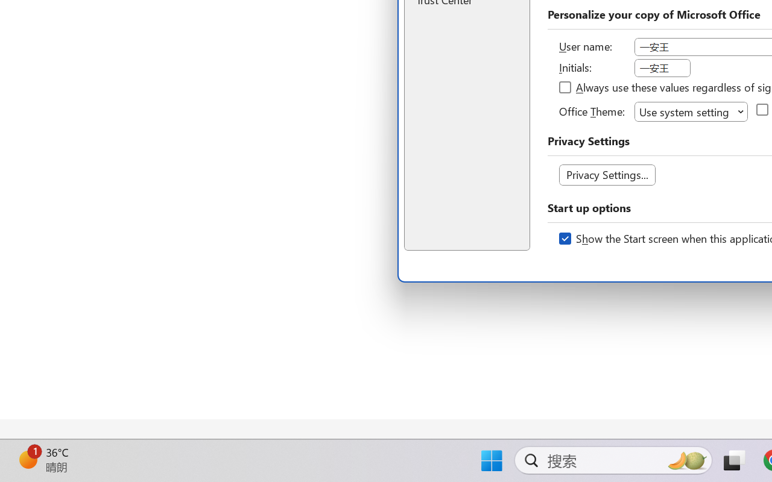 The width and height of the screenshot is (772, 482). Describe the element at coordinates (662, 67) in the screenshot. I see `'Initials'` at that location.